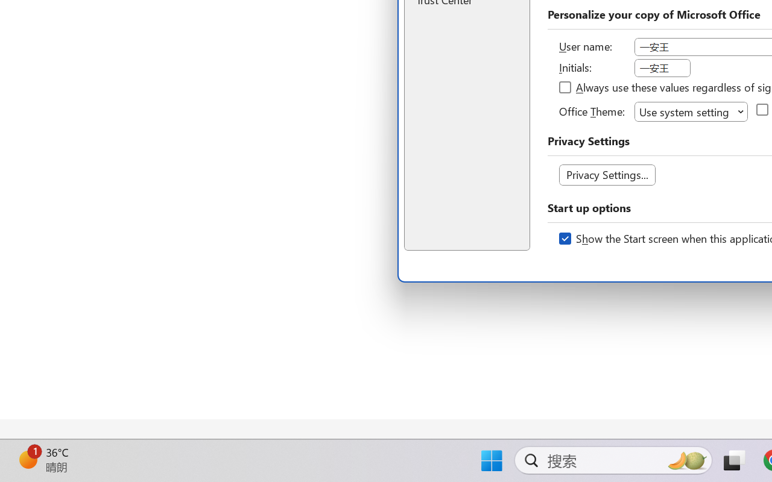 The width and height of the screenshot is (772, 482). Describe the element at coordinates (662, 67) in the screenshot. I see `'Initials'` at that location.